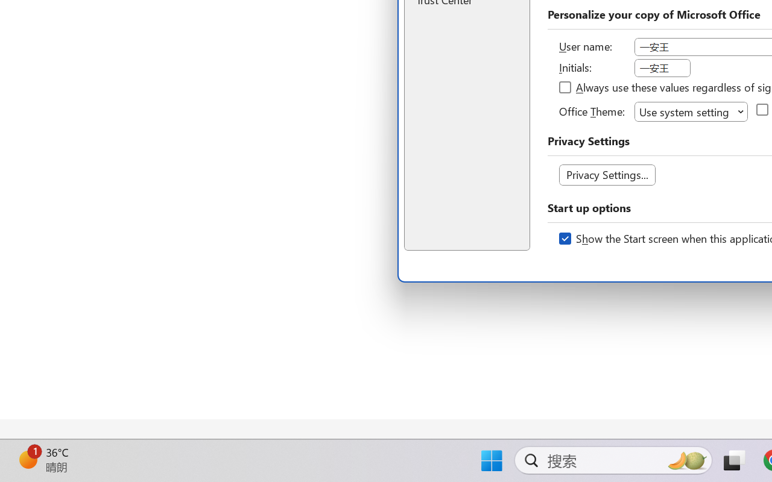 The width and height of the screenshot is (772, 482). Describe the element at coordinates (662, 67) in the screenshot. I see `'Initials'` at that location.